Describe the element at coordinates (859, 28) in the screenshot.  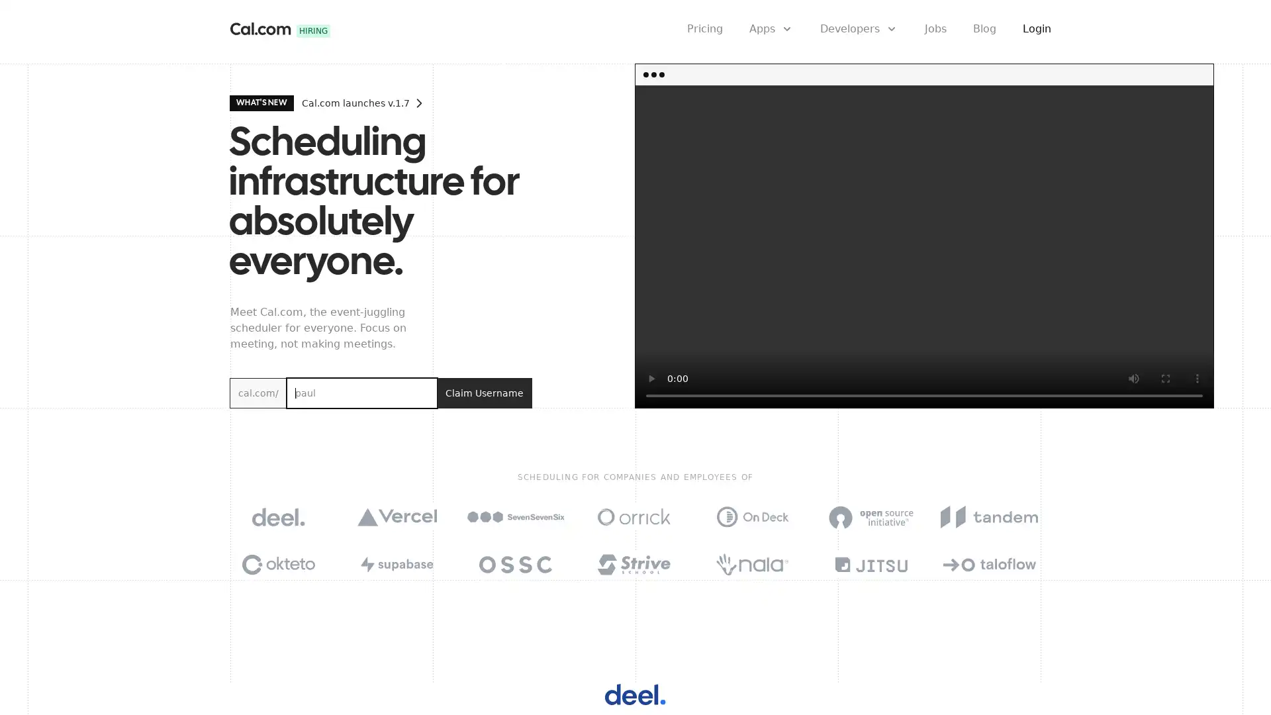
I see `Developers` at that location.